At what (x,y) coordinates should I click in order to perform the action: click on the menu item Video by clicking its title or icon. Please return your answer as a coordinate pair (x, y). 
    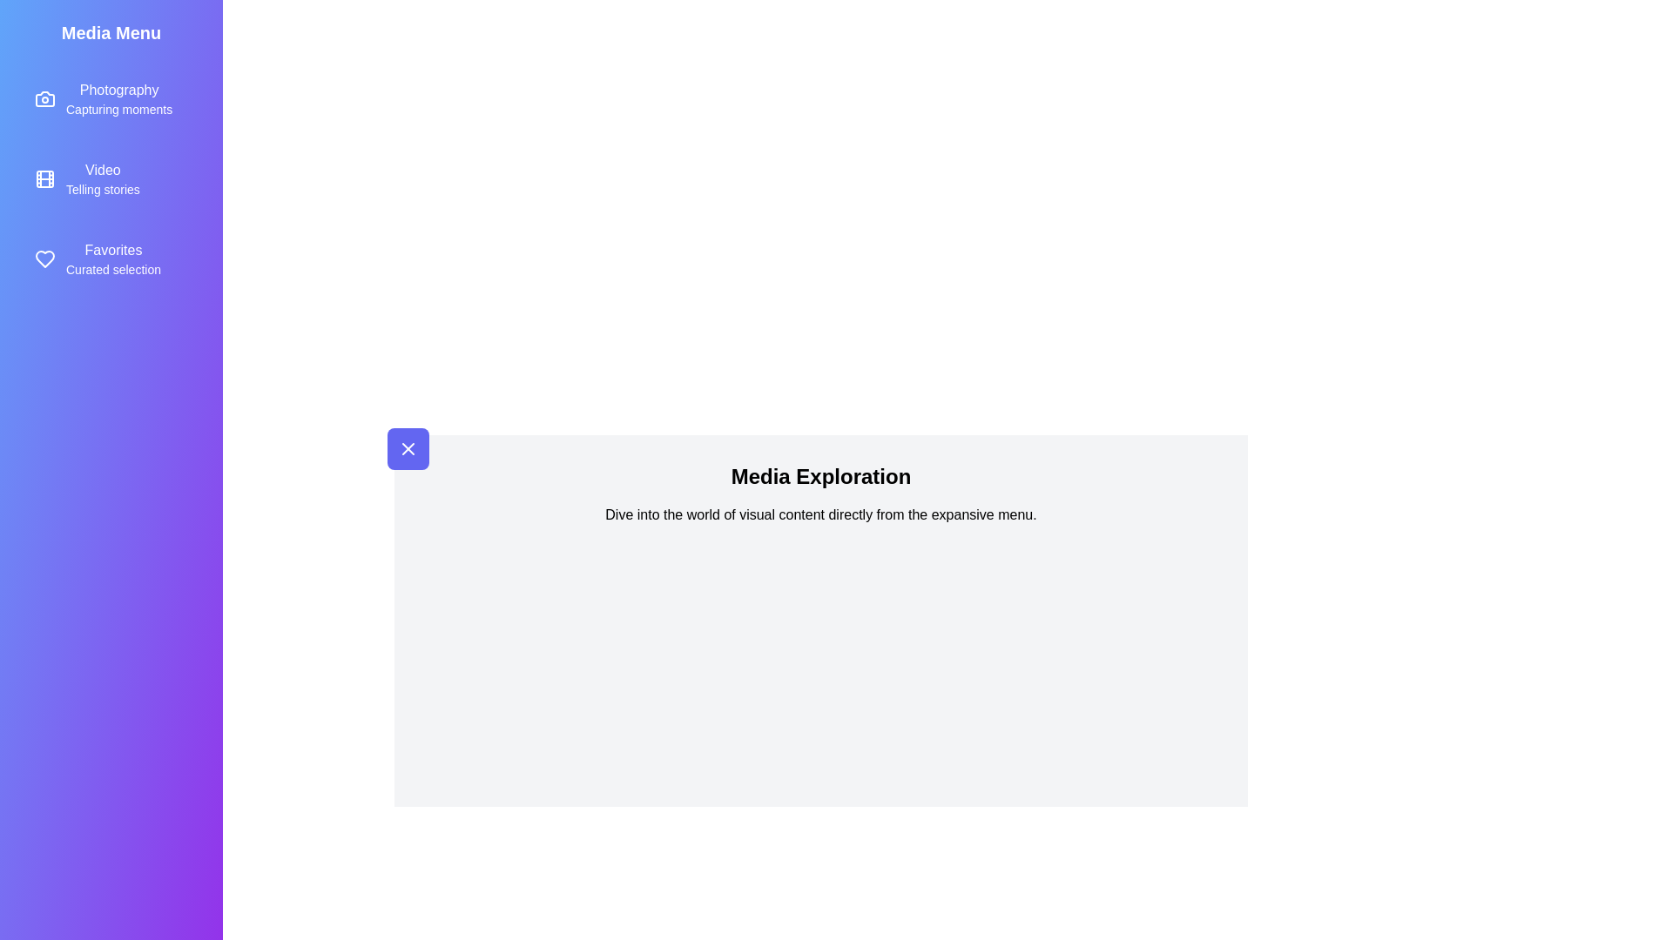
    Looking at the image, I should click on (111, 178).